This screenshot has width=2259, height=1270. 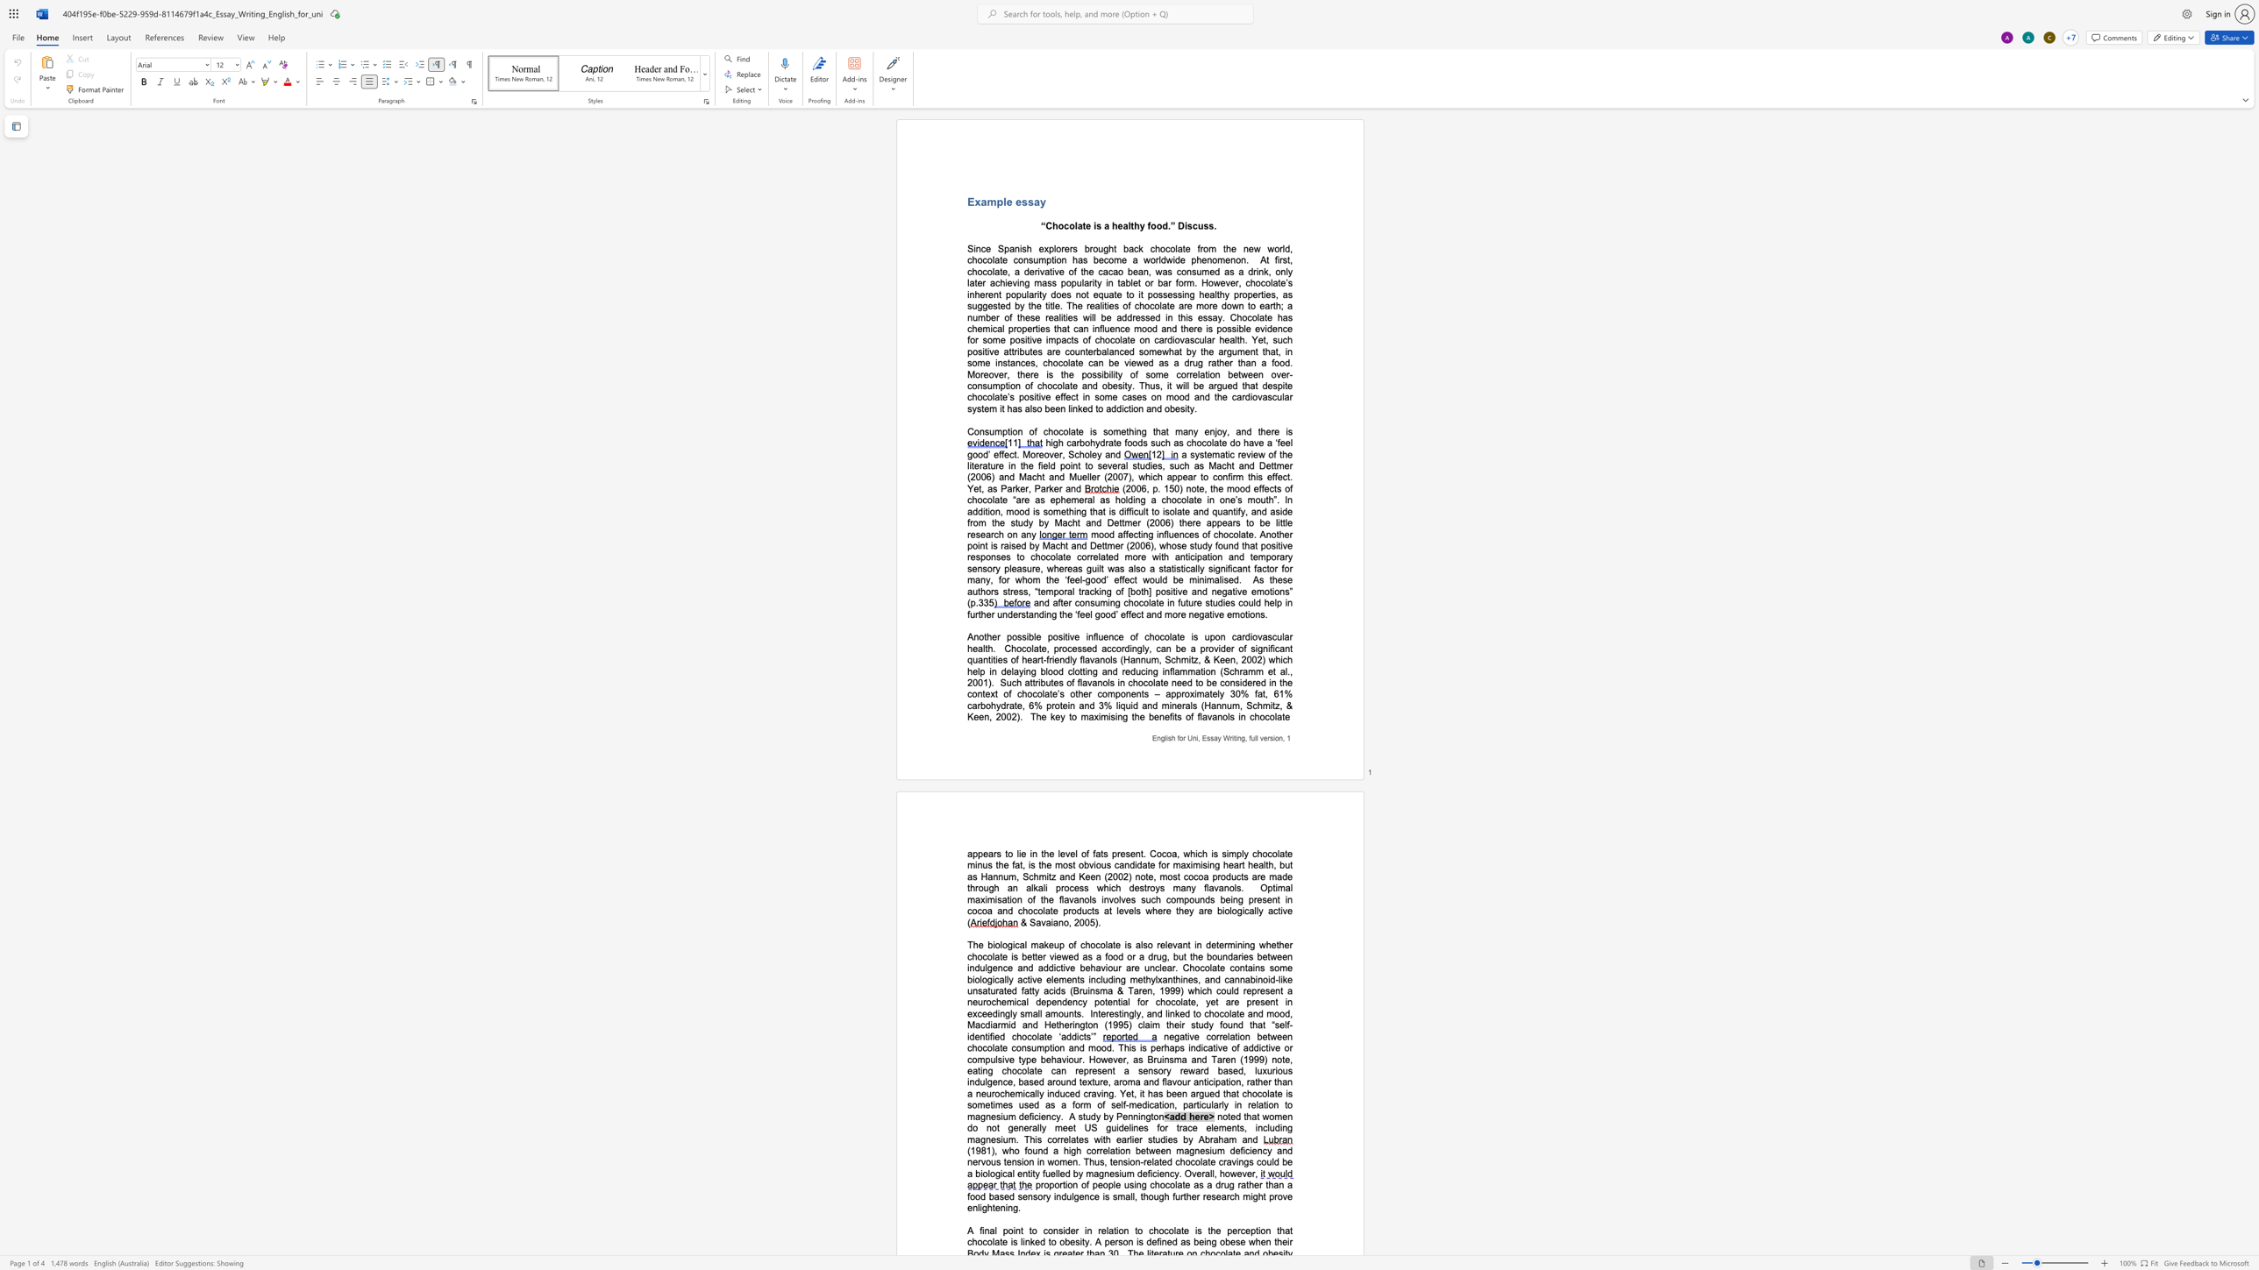 I want to click on the space between the continuous character "i" and "s" in the text, so click(x=1197, y=1230).